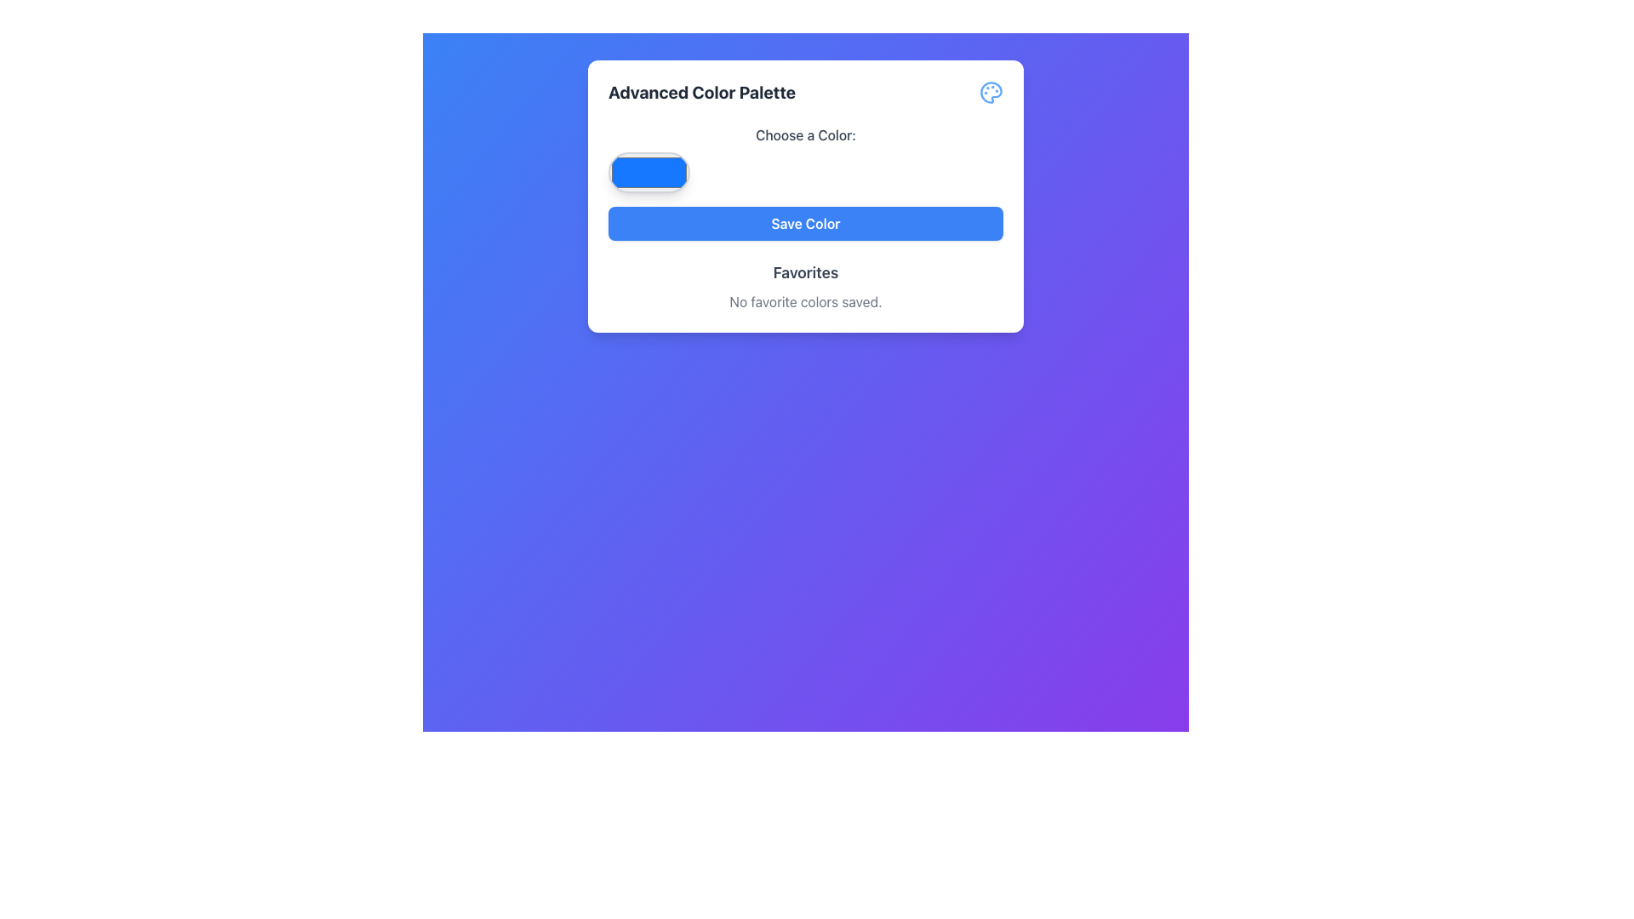 The width and height of the screenshot is (1634, 919). What do you see at coordinates (804, 300) in the screenshot?
I see `the text element stating 'No favorite colors saved.' located in the 'Favorites' section, positioned directly below the section title` at bounding box center [804, 300].